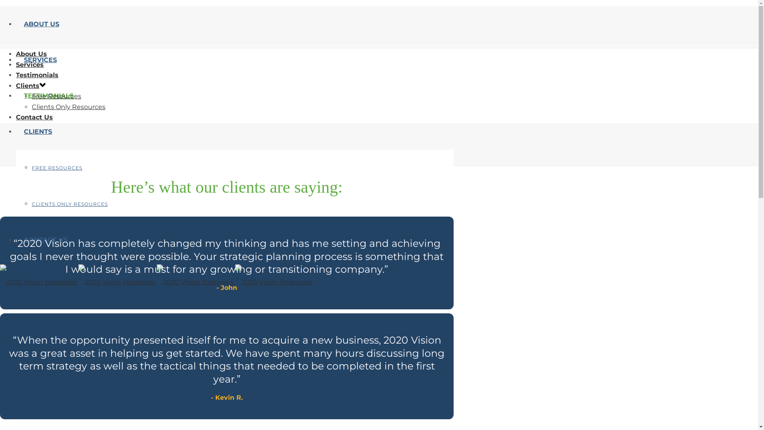 The image size is (764, 430). I want to click on 'Clients', so click(27, 86).